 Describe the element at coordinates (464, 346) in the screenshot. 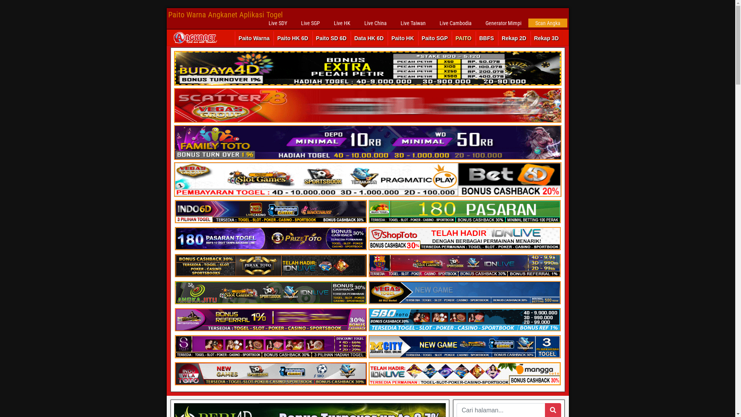

I see `'Bandar Judi Online Terpercaya mcitytoto'` at that location.